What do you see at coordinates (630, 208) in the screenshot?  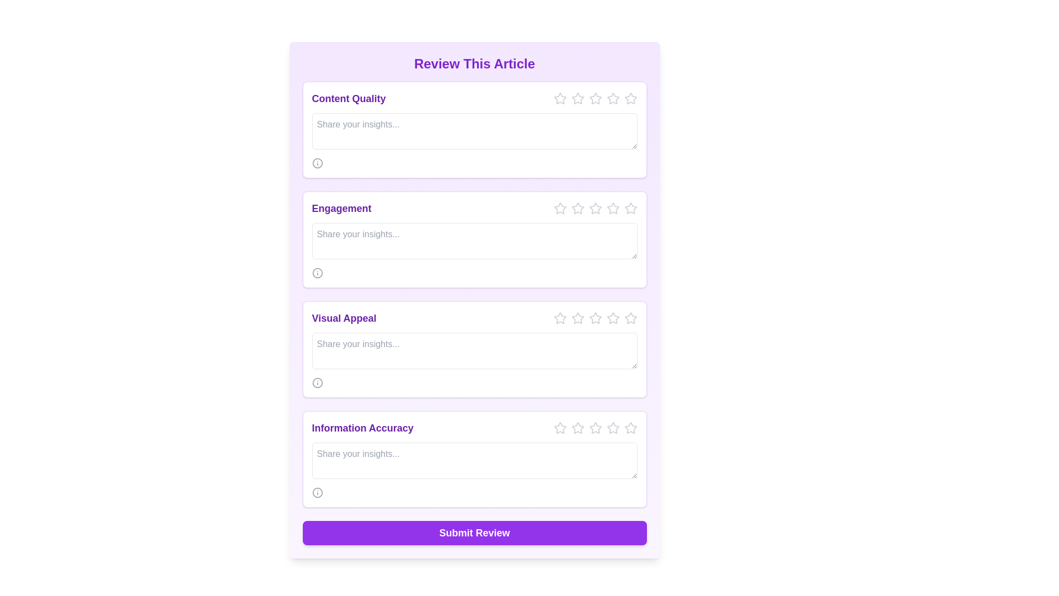 I see `the rightmost star-shaped icon in the 'Engagement' feedback section` at bounding box center [630, 208].